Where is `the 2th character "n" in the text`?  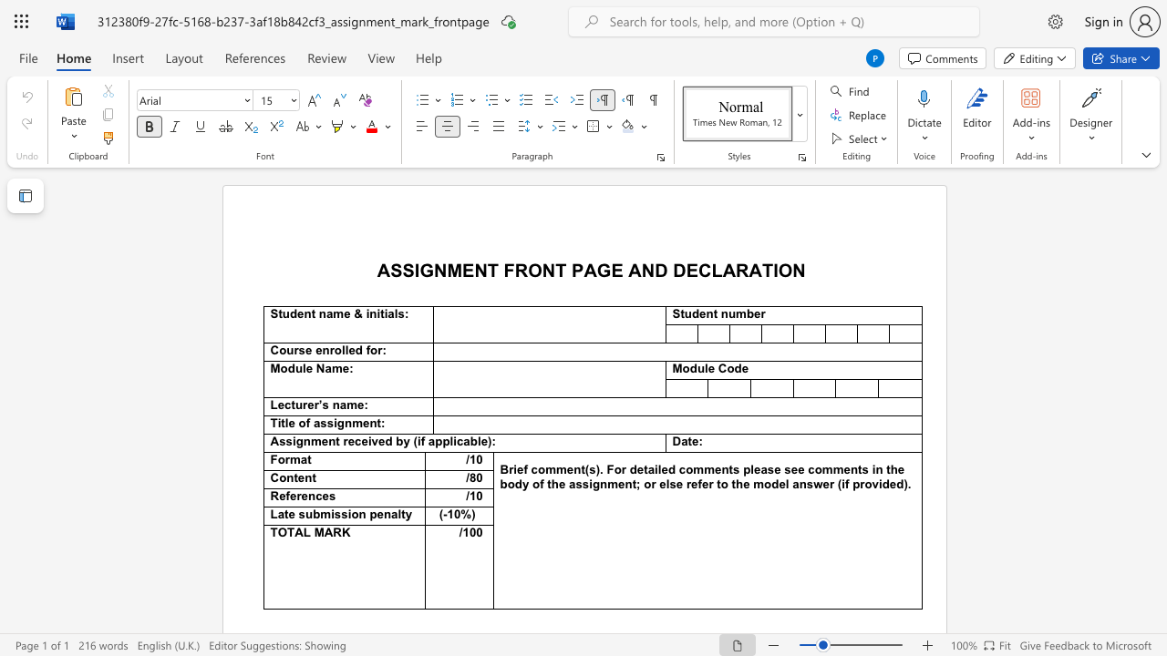 the 2th character "n" in the text is located at coordinates (322, 313).